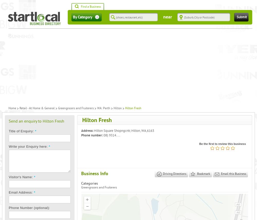 Image resolution: width=257 pixels, height=220 pixels. What do you see at coordinates (28, 146) in the screenshot?
I see `'Write your Enquiry here:'` at bounding box center [28, 146].